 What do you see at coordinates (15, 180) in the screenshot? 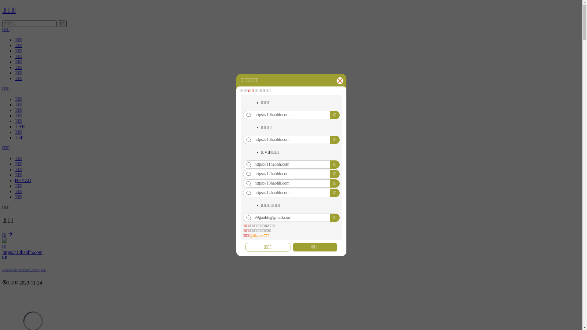
I see `'HEYZO'` at bounding box center [15, 180].